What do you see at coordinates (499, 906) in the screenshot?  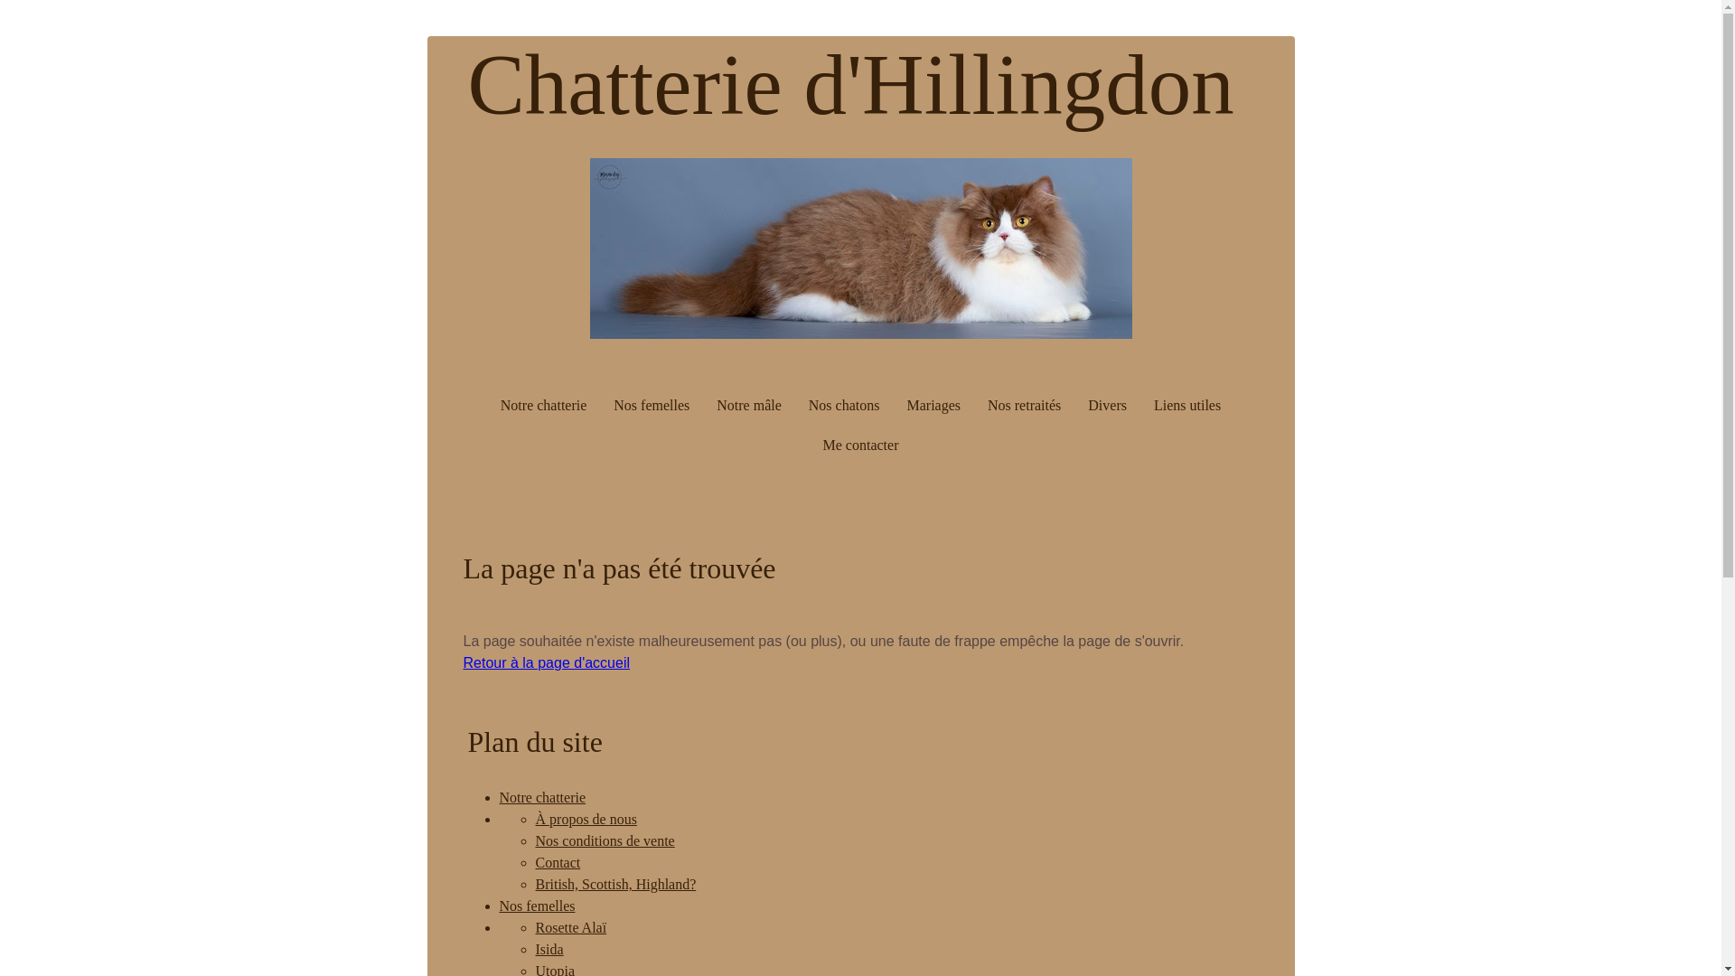 I see `'Nos femelles'` at bounding box center [499, 906].